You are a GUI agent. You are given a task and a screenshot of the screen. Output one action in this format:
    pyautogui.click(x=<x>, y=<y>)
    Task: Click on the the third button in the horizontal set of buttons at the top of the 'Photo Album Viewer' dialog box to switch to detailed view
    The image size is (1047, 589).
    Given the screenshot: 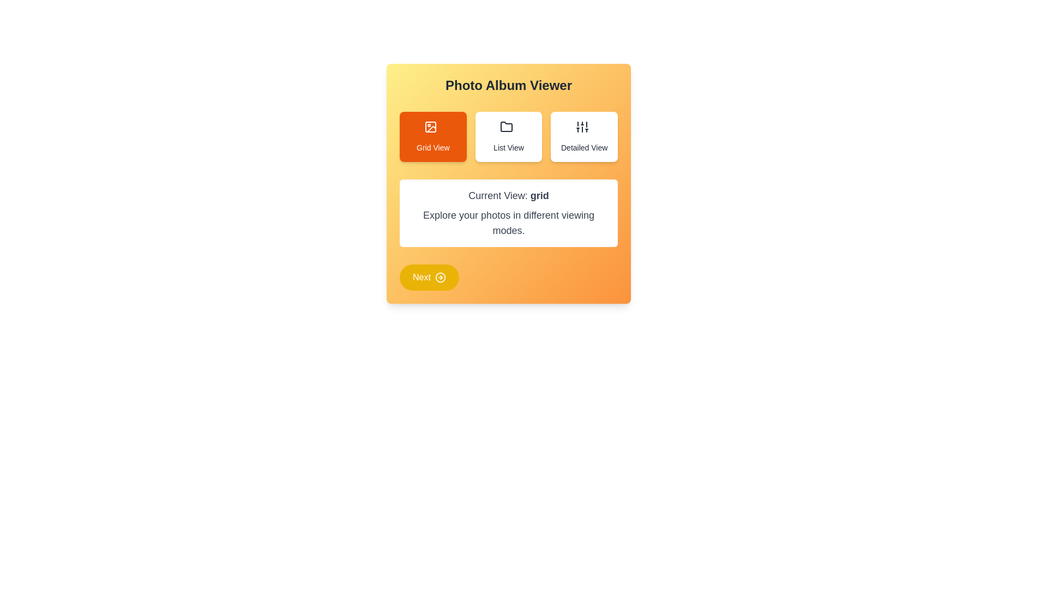 What is the action you would take?
    pyautogui.click(x=583, y=136)
    